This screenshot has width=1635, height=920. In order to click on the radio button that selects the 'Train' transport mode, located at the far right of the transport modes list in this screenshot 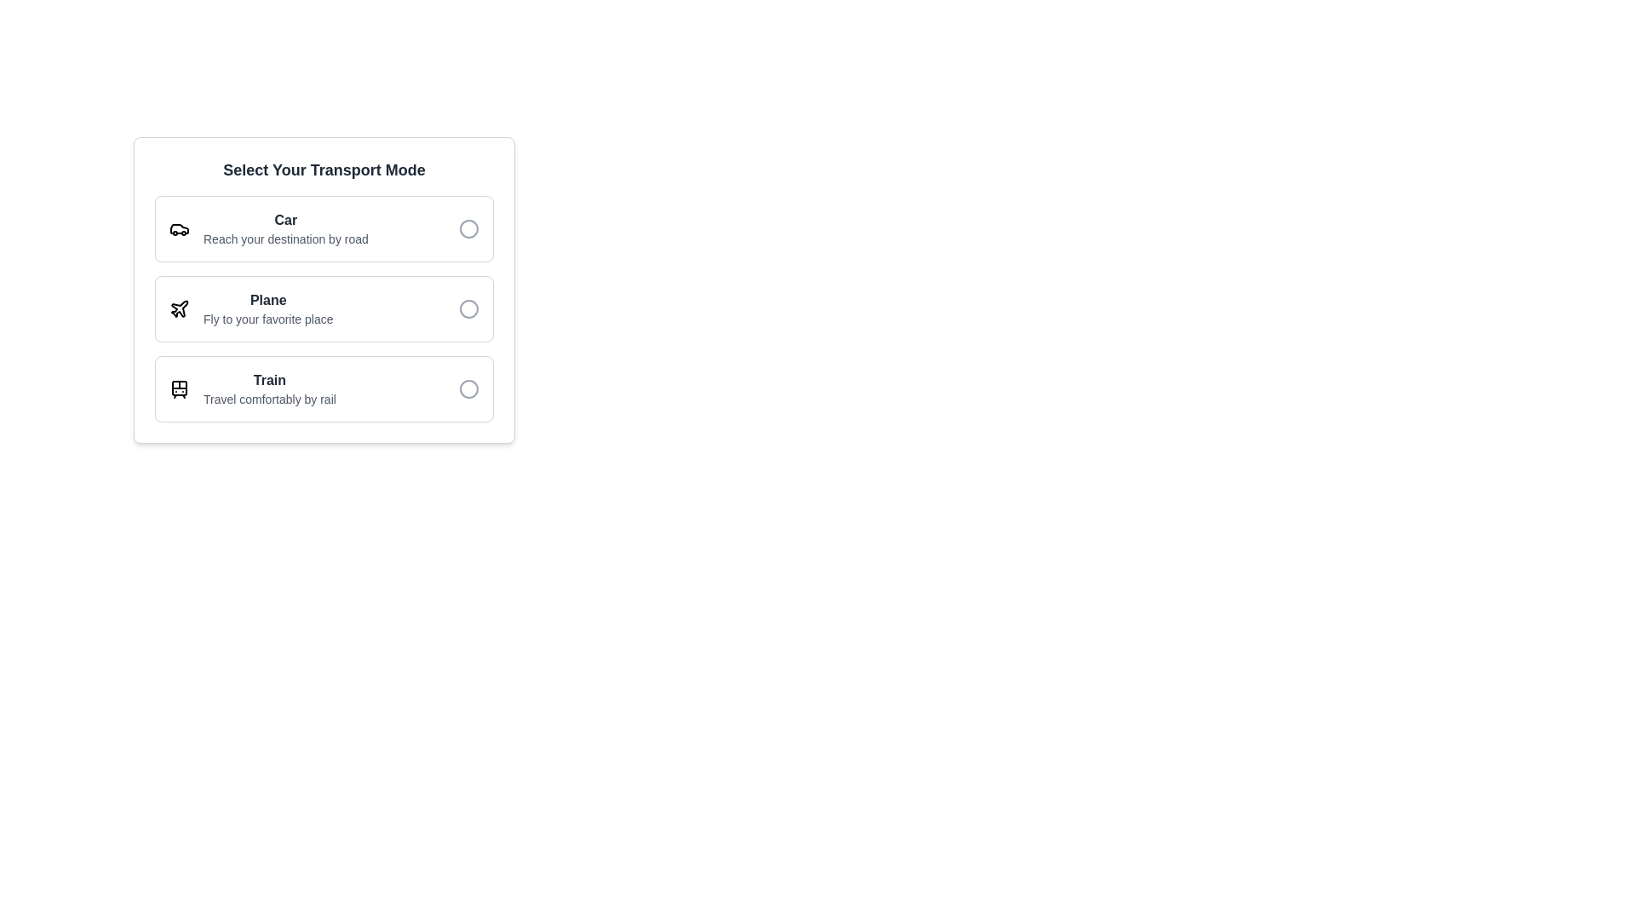, I will do `click(469, 388)`.